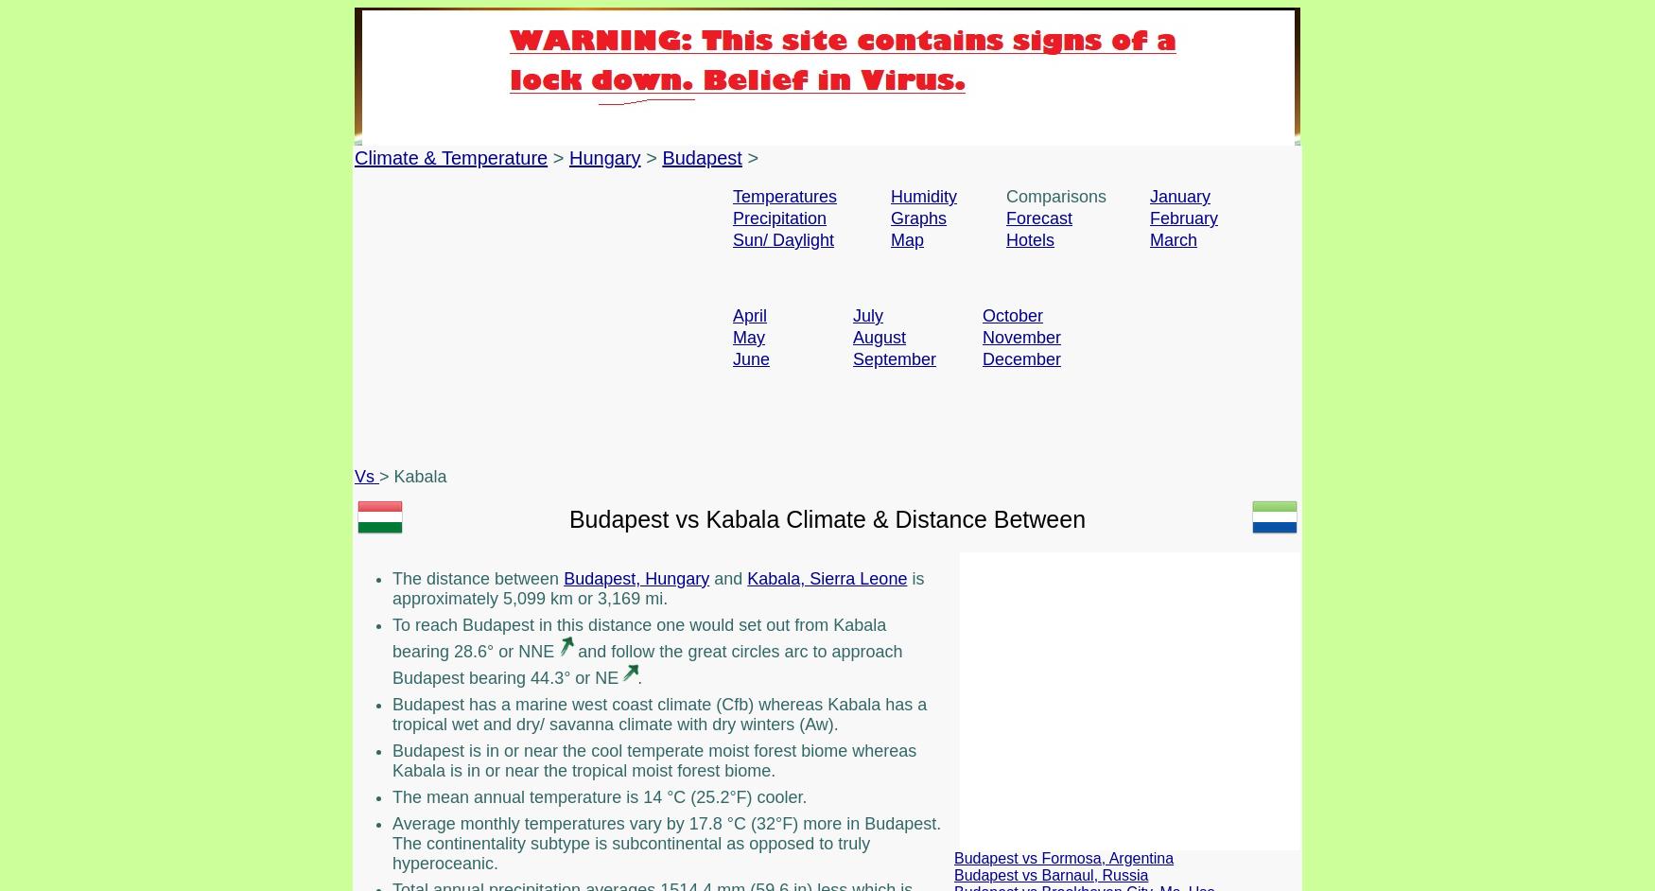  What do you see at coordinates (1056, 196) in the screenshot?
I see `'Comparisons'` at bounding box center [1056, 196].